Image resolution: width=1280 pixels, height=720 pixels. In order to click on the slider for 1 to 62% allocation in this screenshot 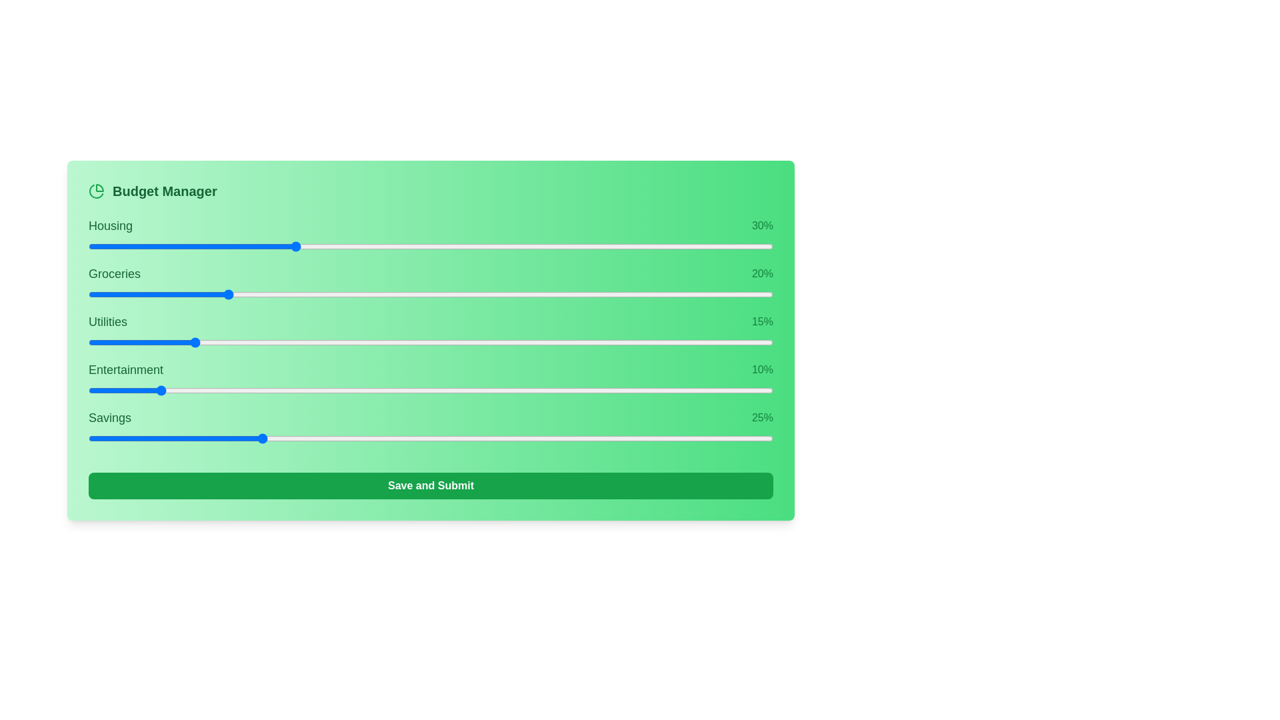, I will do `click(643, 294)`.